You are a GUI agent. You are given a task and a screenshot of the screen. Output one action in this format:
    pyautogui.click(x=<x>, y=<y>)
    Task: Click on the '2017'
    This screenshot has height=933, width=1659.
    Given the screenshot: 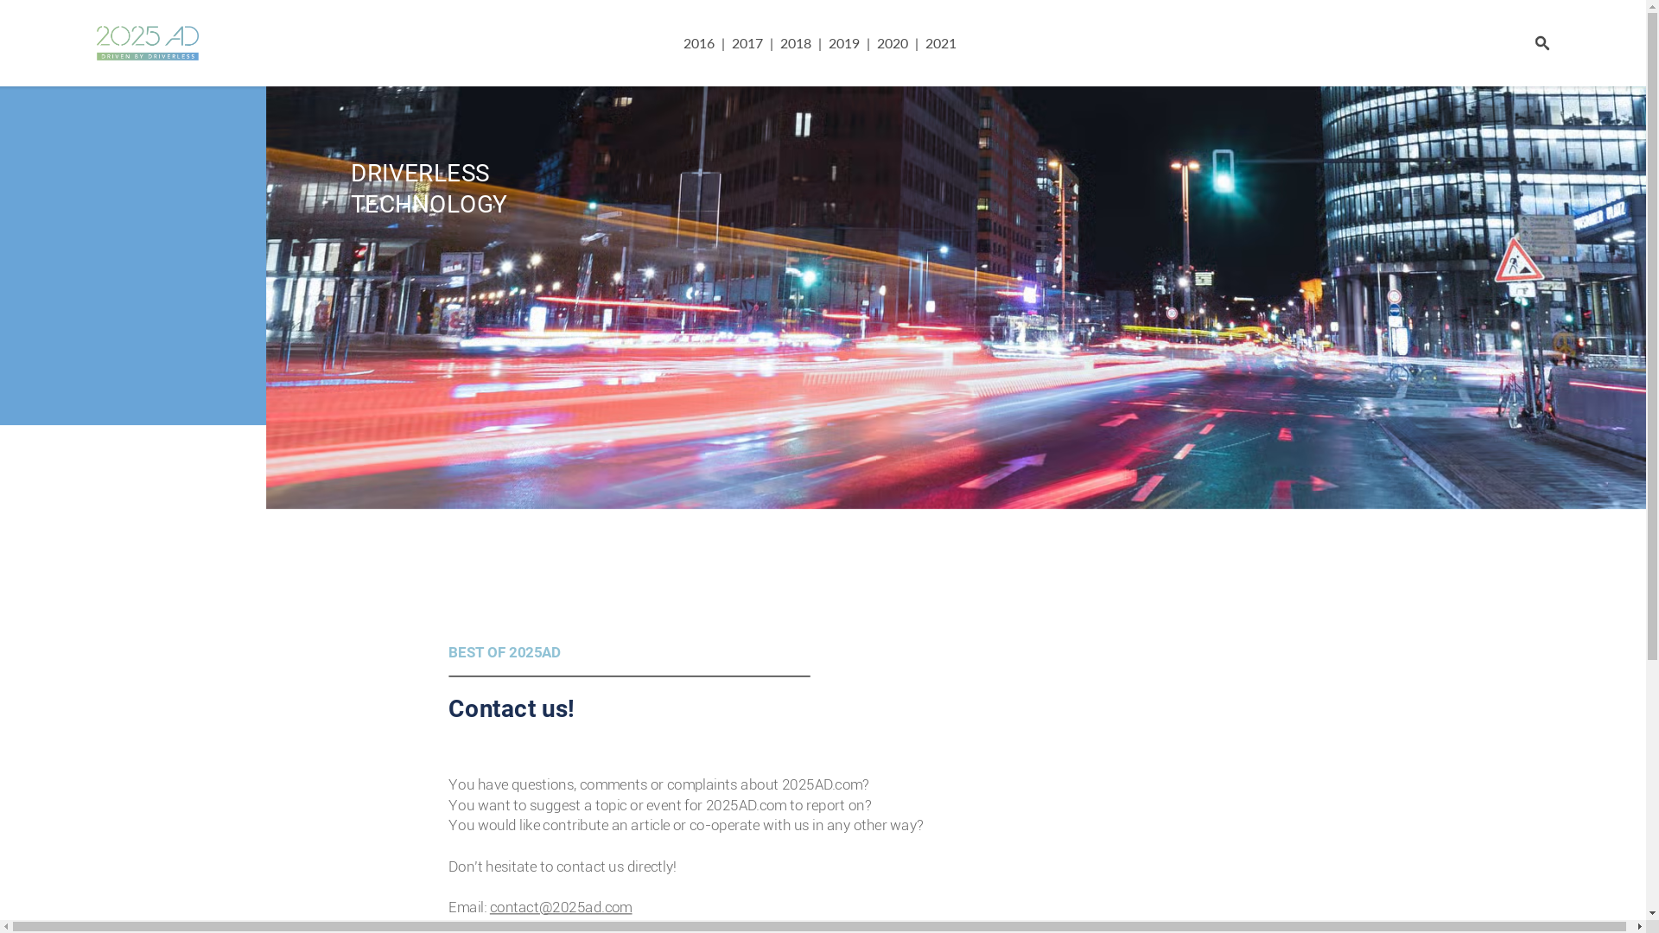 What is the action you would take?
    pyautogui.click(x=724, y=41)
    